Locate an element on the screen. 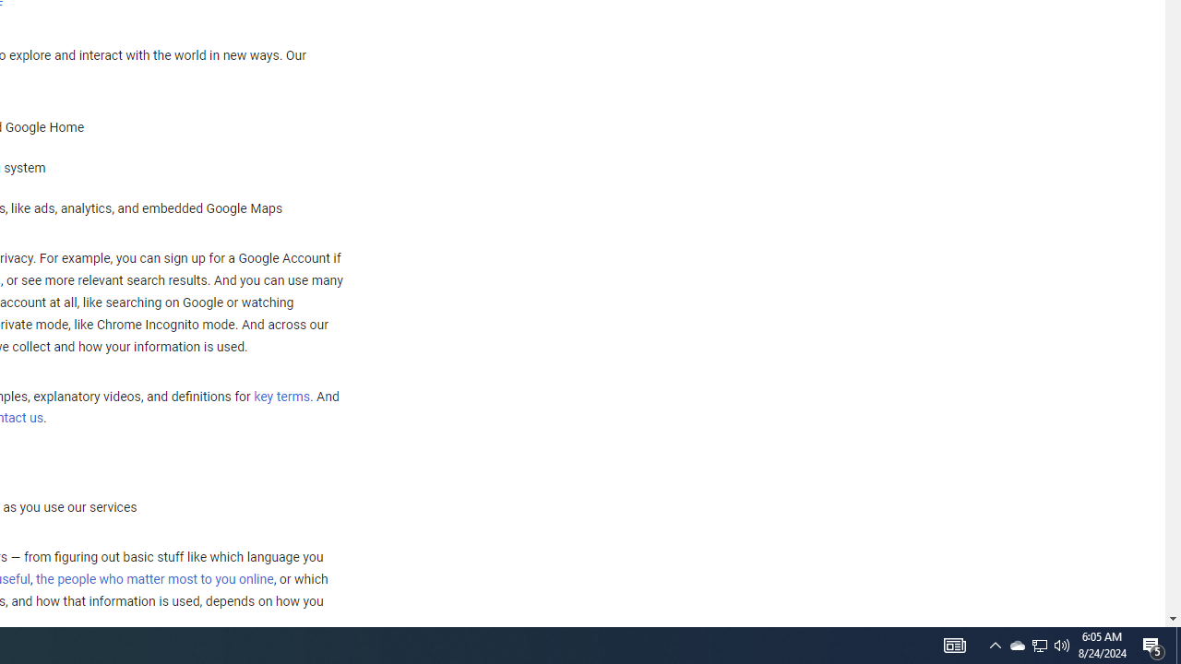 Image resolution: width=1181 pixels, height=664 pixels. 'key terms' is located at coordinates (280, 396).